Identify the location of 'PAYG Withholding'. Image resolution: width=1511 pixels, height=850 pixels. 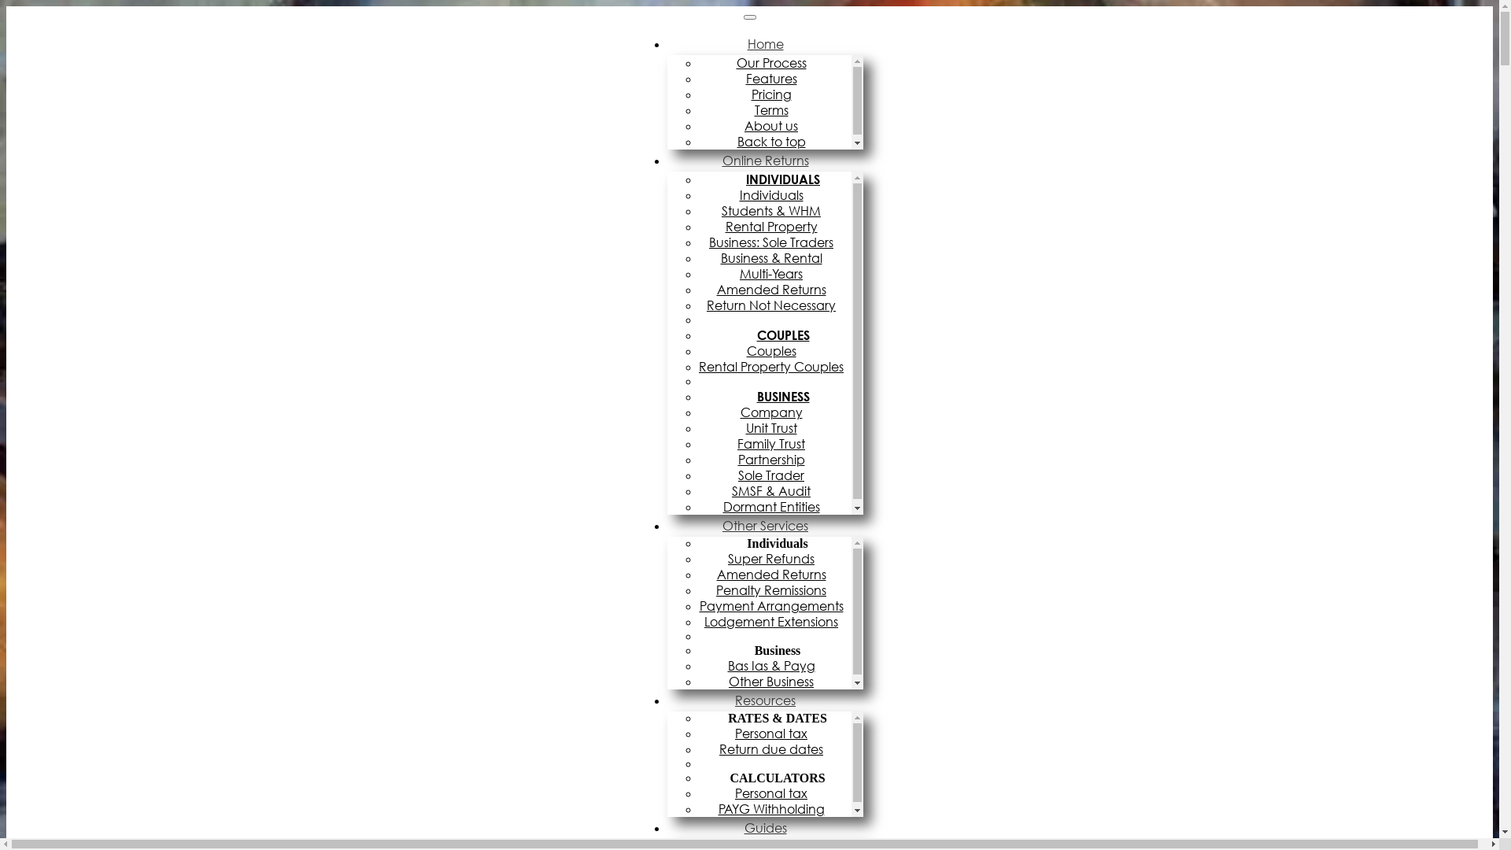
(717, 809).